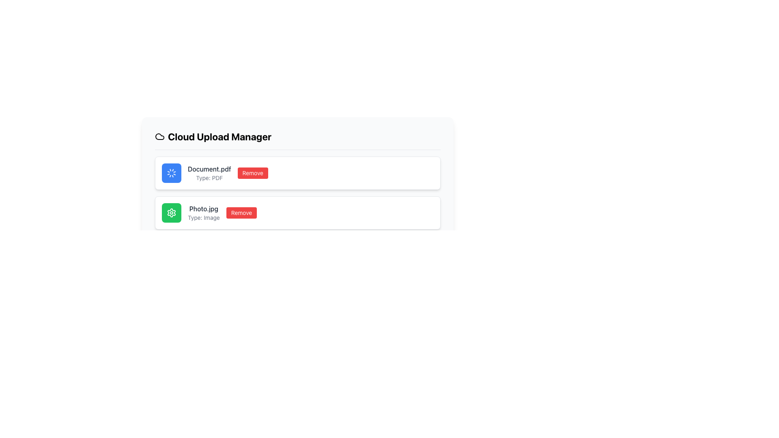 This screenshot has width=779, height=438. I want to click on the text label that reads 'Type: PDF,' which is styled in light gray and located directly beneath the text 'Document.pdf.', so click(209, 178).